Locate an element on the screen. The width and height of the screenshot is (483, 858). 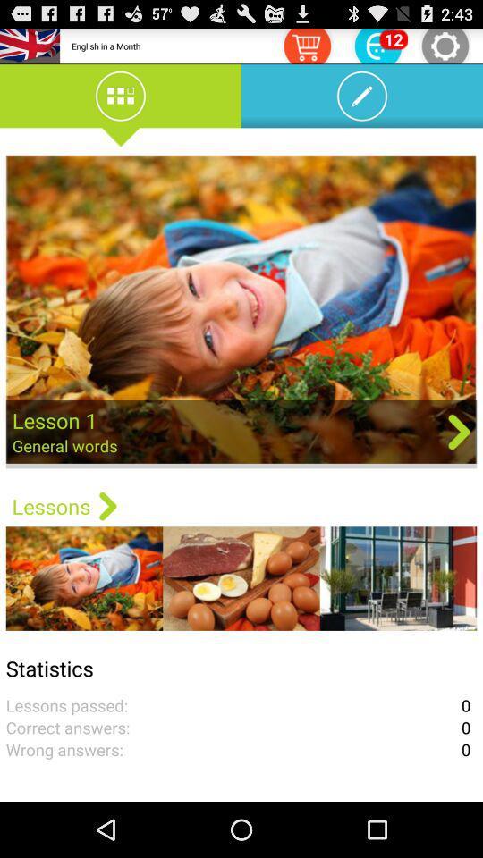
shop button is located at coordinates (306, 45).